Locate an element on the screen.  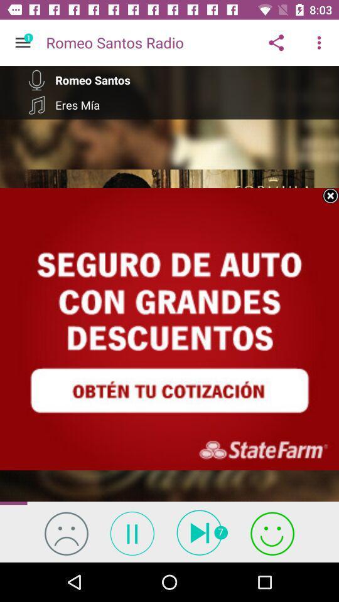
the emoji icon is located at coordinates (66, 532).